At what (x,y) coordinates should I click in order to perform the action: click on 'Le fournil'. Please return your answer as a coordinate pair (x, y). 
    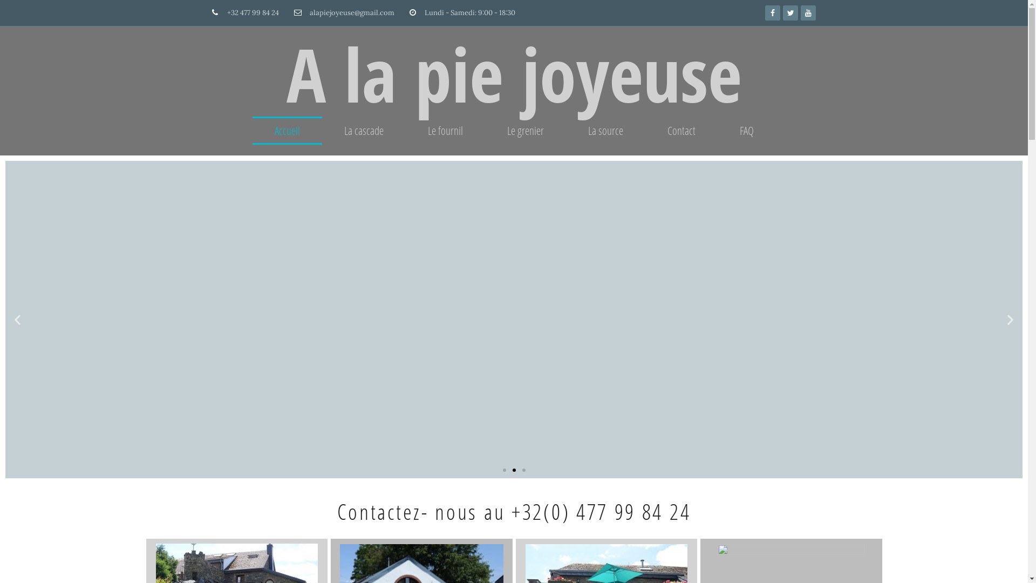
    Looking at the image, I should click on (445, 130).